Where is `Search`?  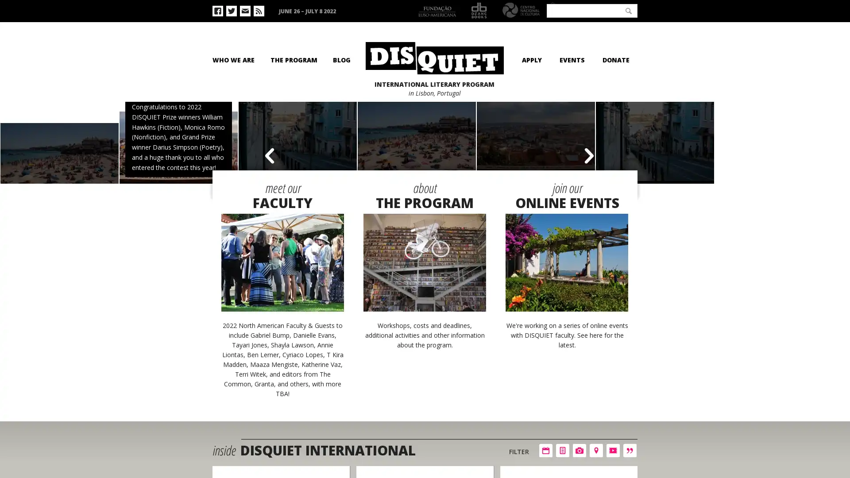 Search is located at coordinates (628, 10).